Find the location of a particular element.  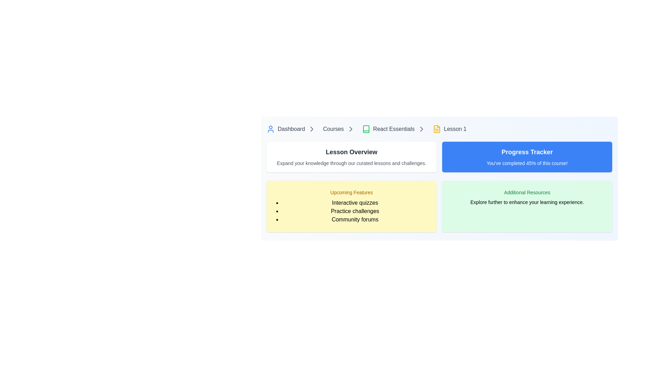

text label located in the blue box at the lower part of the 'Progress Tracker' section to understand the progress percentage is located at coordinates (527, 163).